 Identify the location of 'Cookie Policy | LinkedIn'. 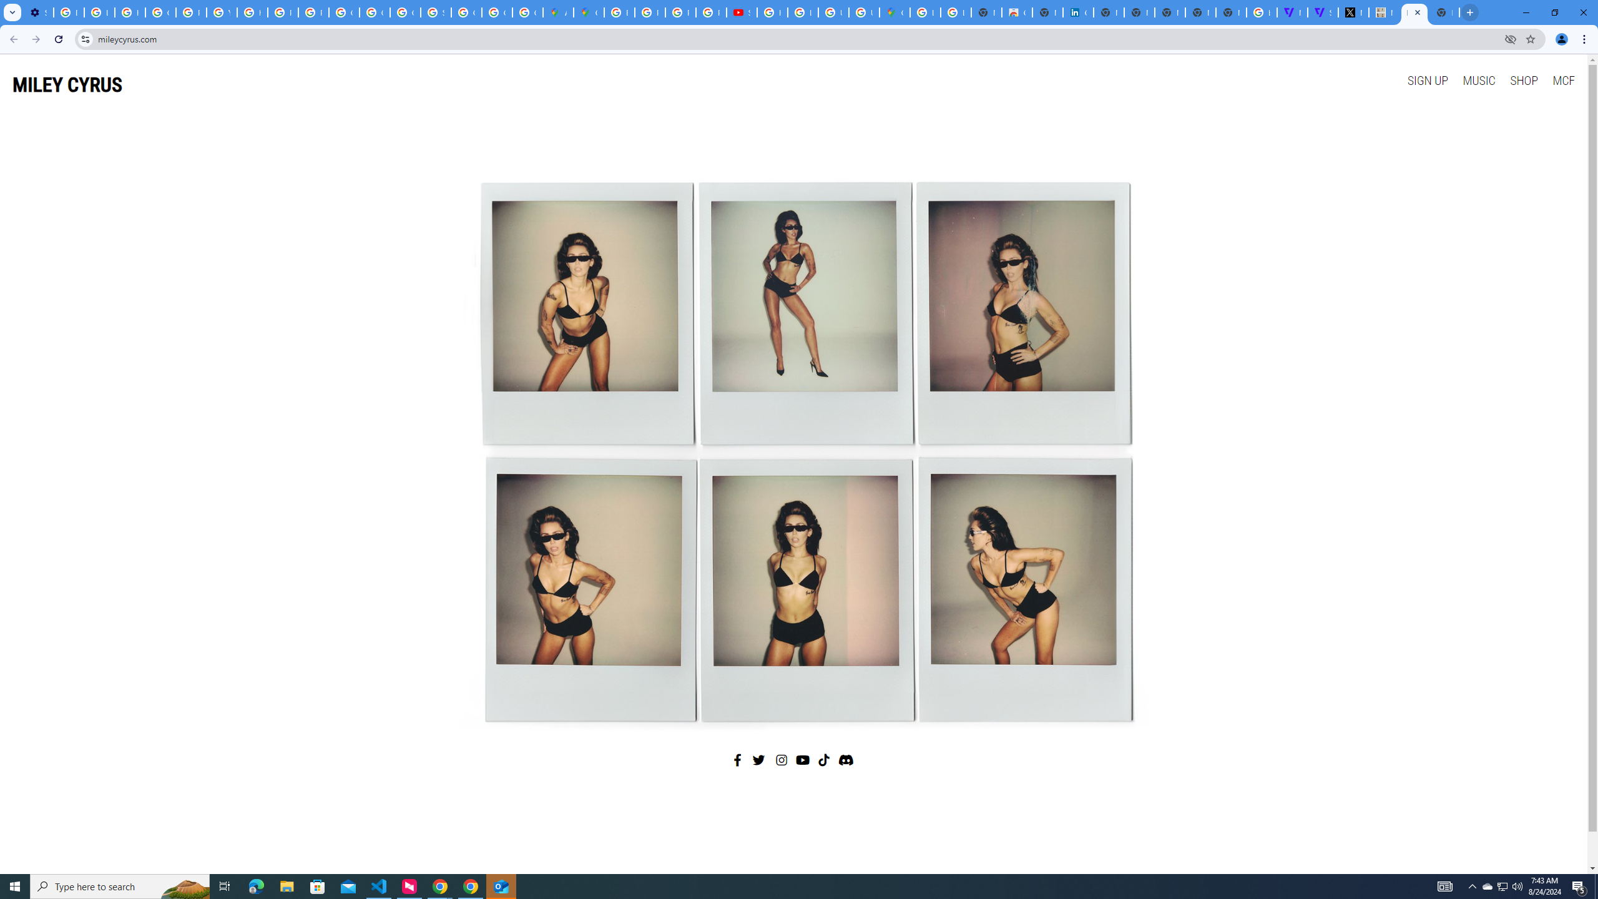
(1079, 12).